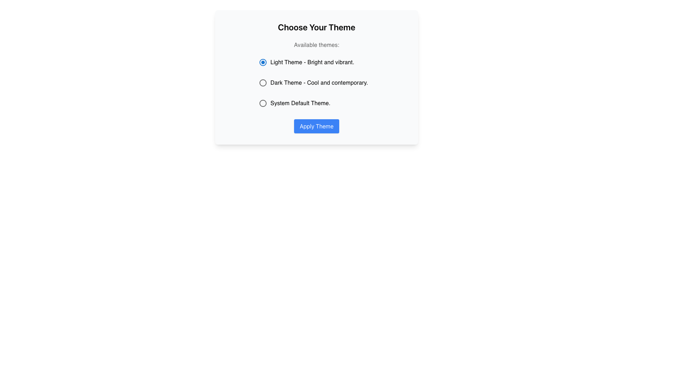 The image size is (677, 381). Describe the element at coordinates (263, 103) in the screenshot. I see `the visual indicator of the unselected radio button corresponding to the 'System Default Theme' option, which is the third option in the list of theme options` at that location.